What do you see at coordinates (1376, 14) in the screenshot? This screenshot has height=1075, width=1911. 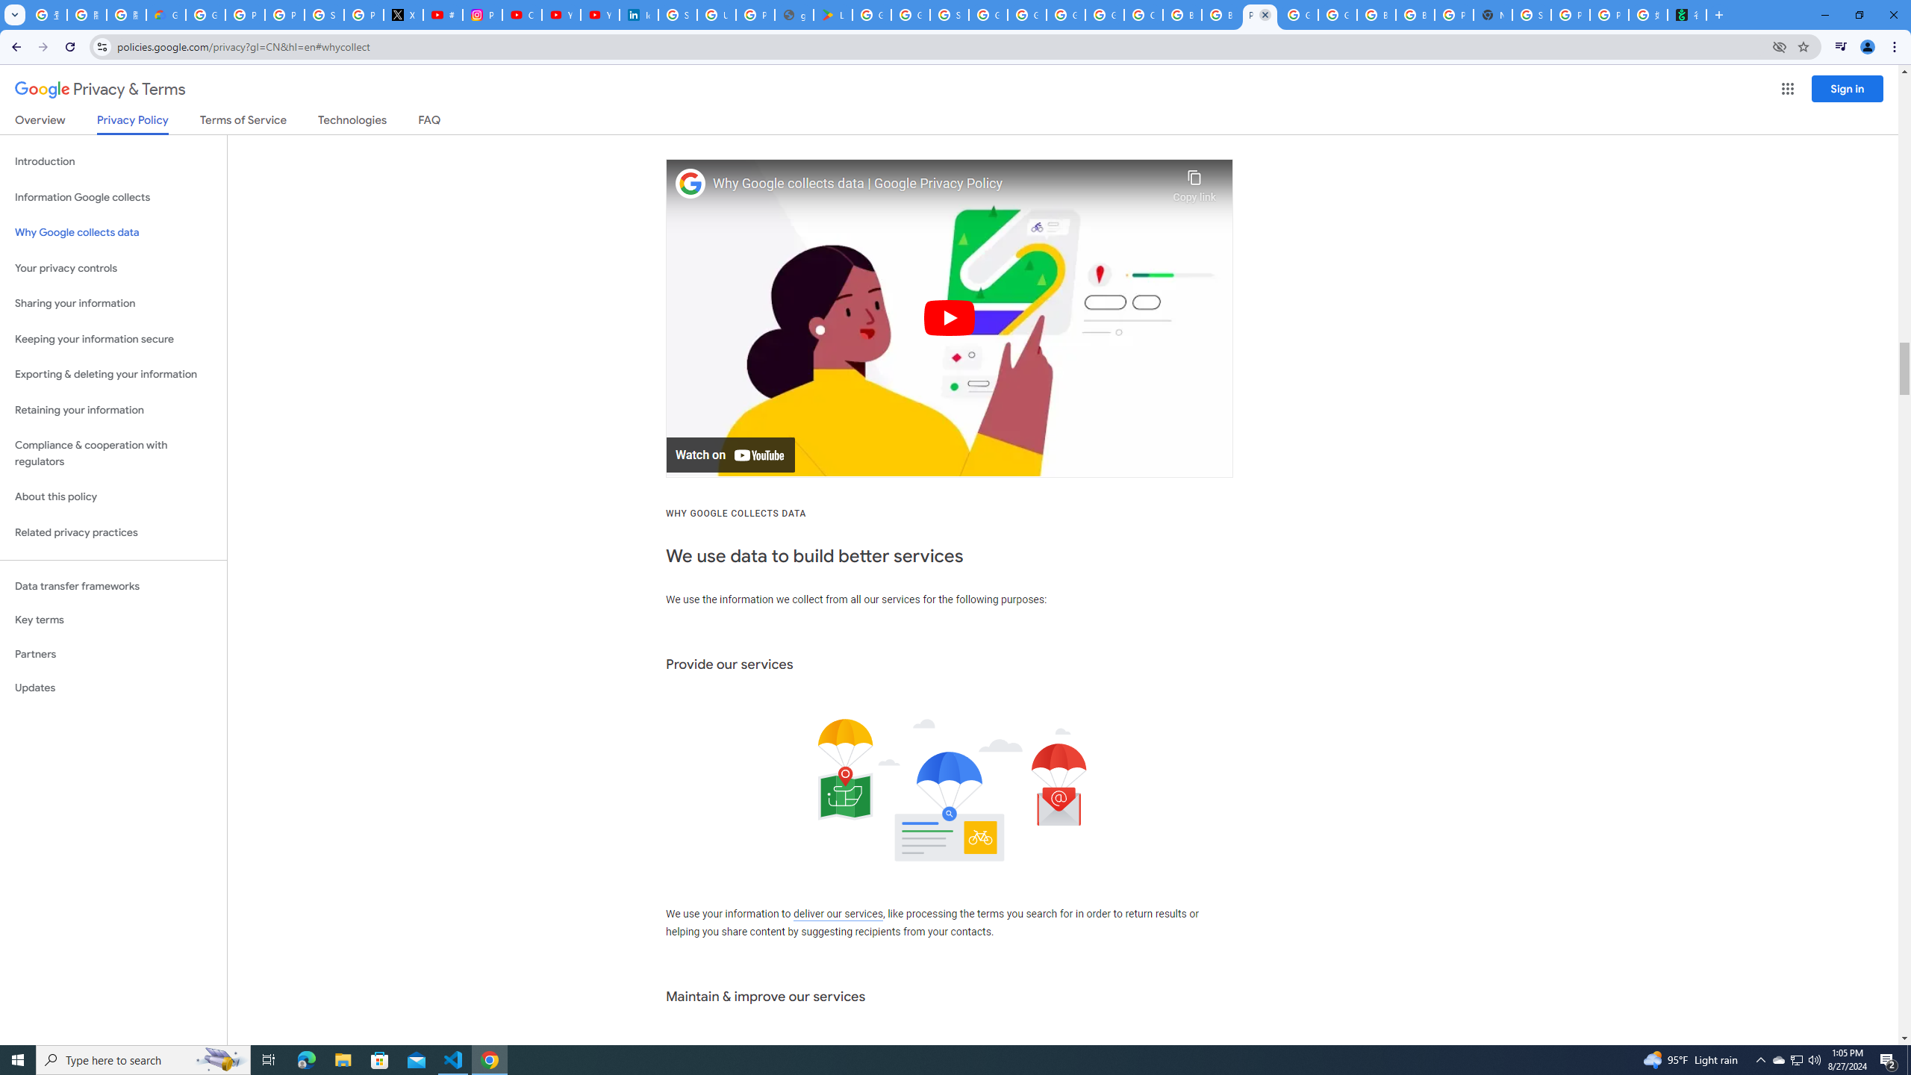 I see `'Browse Chrome as a guest - Computer - Google Chrome Help'` at bounding box center [1376, 14].